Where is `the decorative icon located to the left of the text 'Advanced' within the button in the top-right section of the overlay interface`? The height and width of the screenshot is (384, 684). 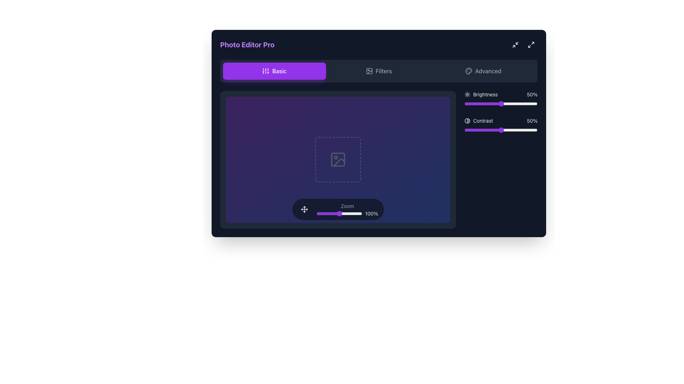
the decorative icon located to the left of the text 'Advanced' within the button in the top-right section of the overlay interface is located at coordinates (468, 71).